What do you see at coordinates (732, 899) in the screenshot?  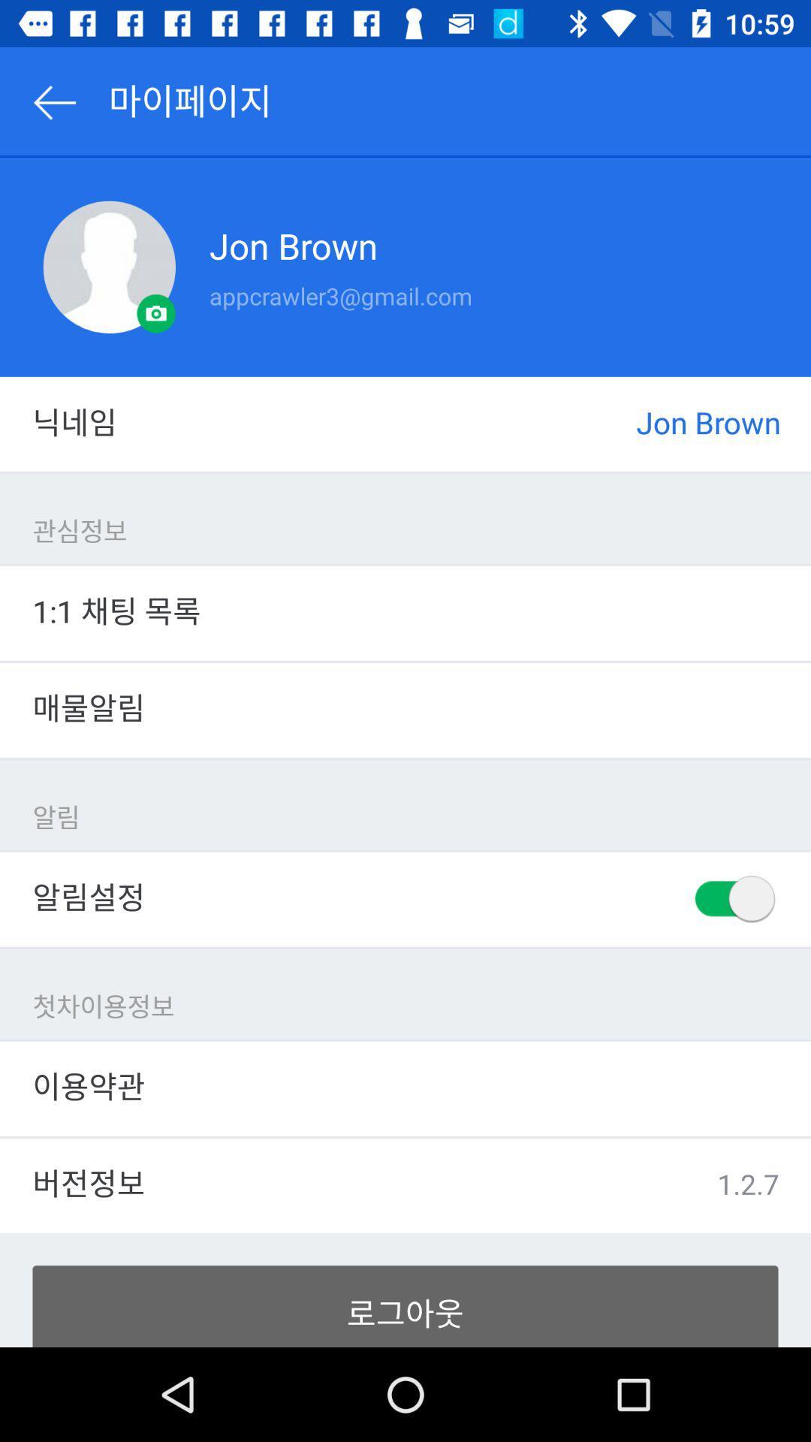 I see `the icon on the right` at bounding box center [732, 899].